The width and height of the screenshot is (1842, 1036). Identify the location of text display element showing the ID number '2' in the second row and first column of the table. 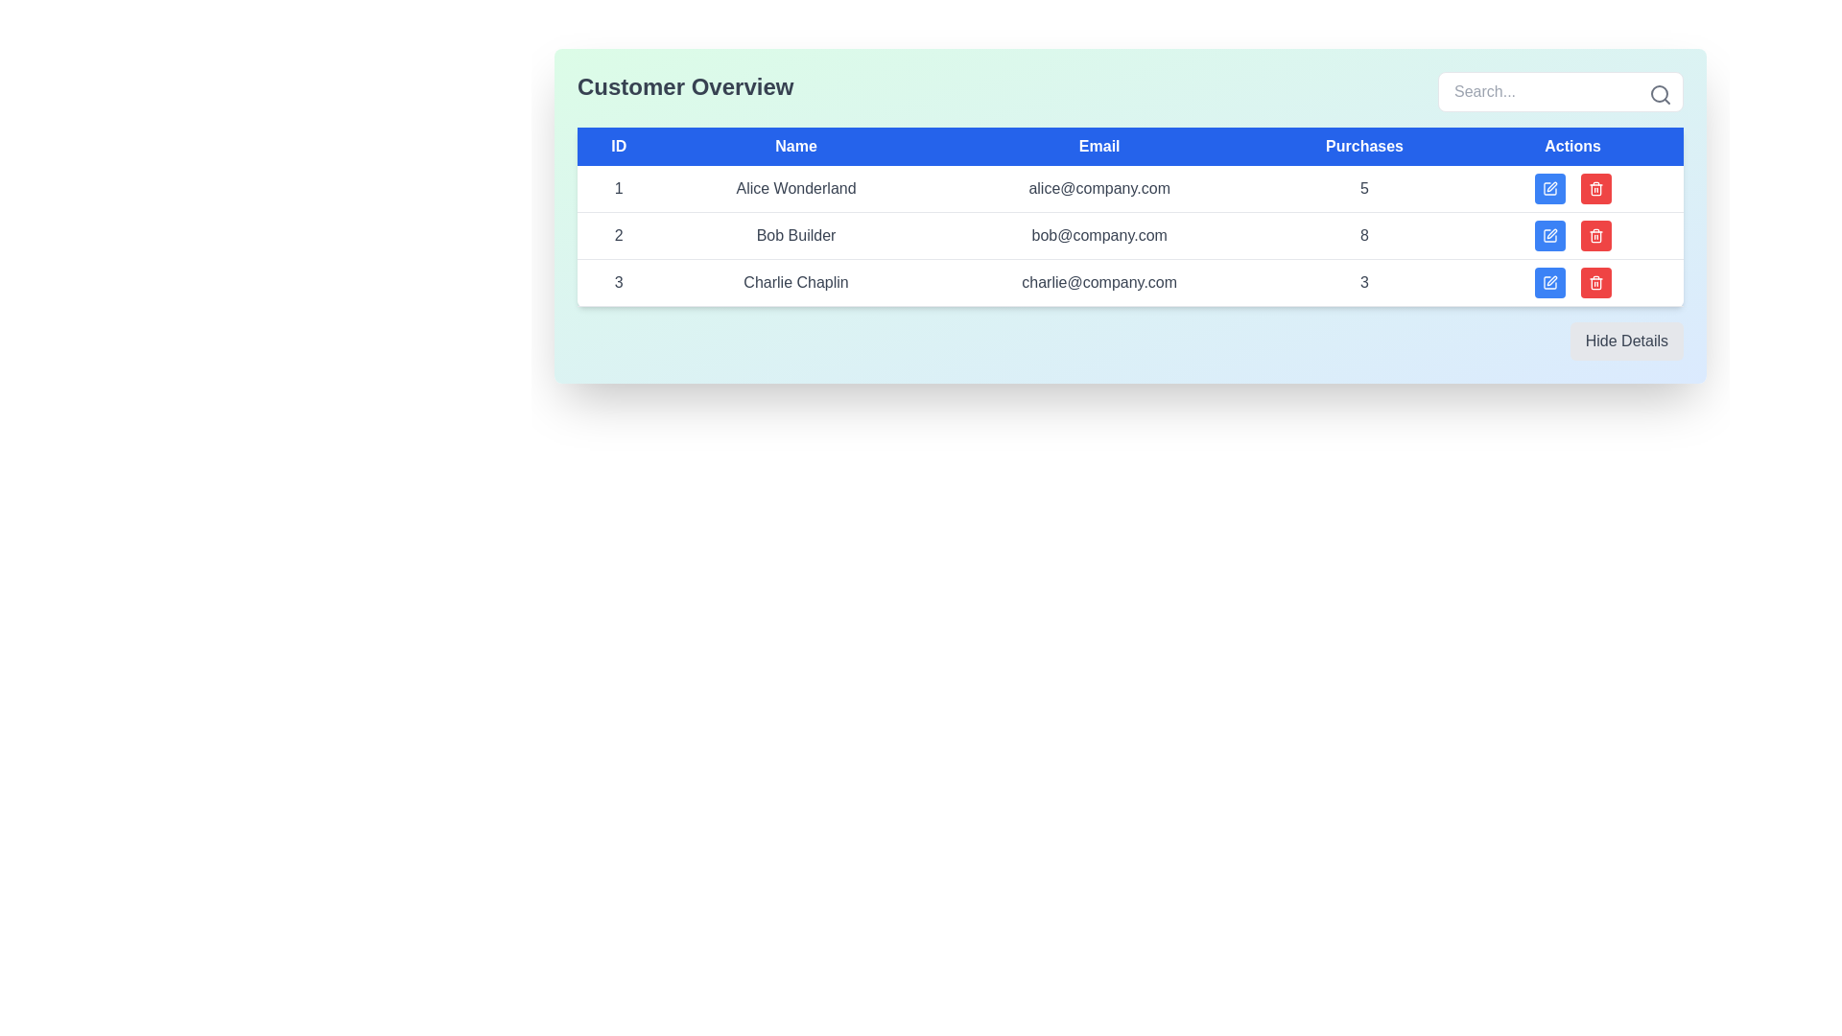
(619, 235).